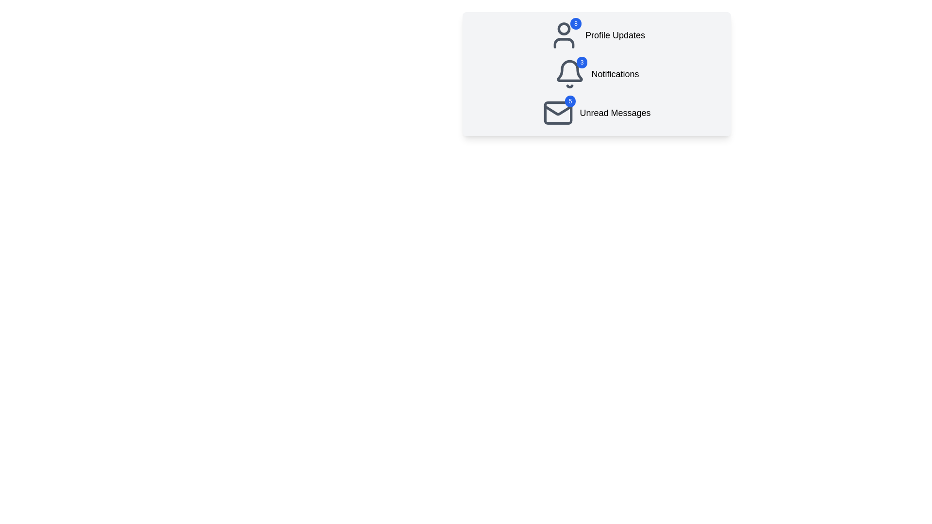 The width and height of the screenshot is (932, 524). What do you see at coordinates (558, 112) in the screenshot?
I see `vector graphic element located within the envelope icon at the bottom of the vertical menu using developer tools` at bounding box center [558, 112].